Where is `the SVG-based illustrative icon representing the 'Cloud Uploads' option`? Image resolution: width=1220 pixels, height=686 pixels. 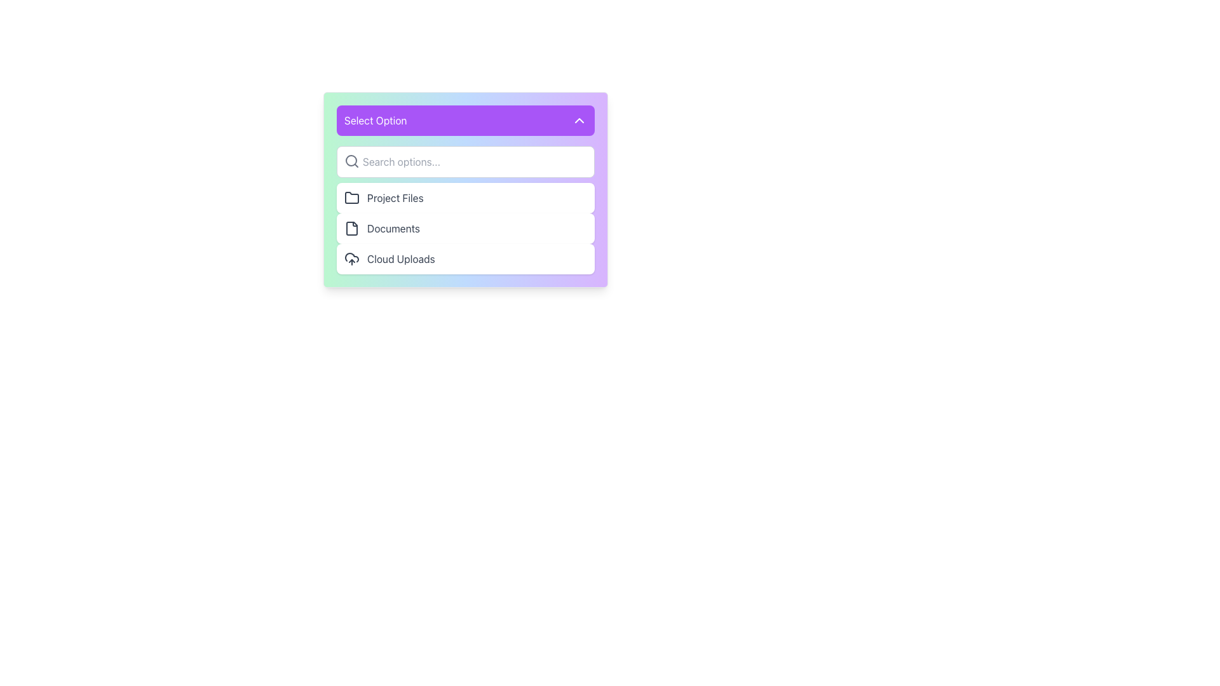
the SVG-based illustrative icon representing the 'Cloud Uploads' option is located at coordinates (351, 259).